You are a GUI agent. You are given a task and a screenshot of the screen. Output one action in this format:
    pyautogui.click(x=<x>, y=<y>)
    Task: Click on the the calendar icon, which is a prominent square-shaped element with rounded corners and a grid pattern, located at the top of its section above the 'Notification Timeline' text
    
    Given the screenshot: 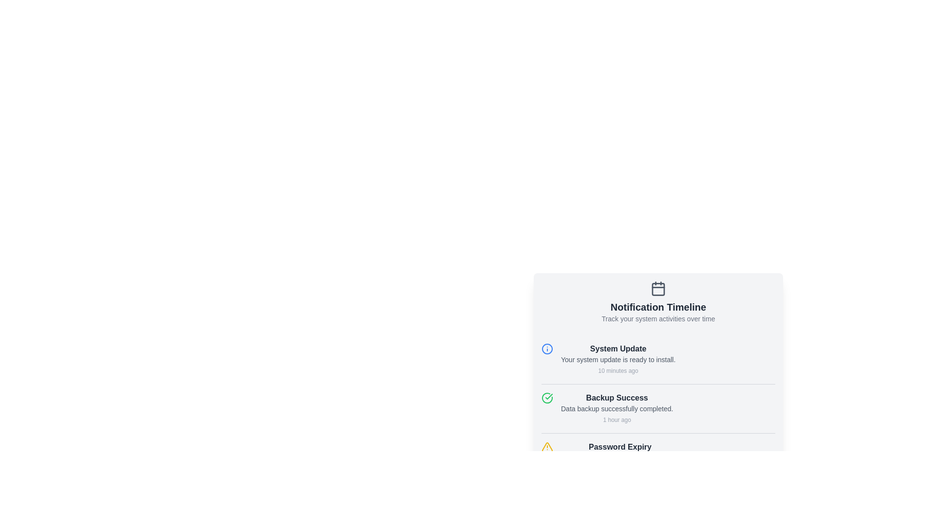 What is the action you would take?
    pyautogui.click(x=658, y=288)
    